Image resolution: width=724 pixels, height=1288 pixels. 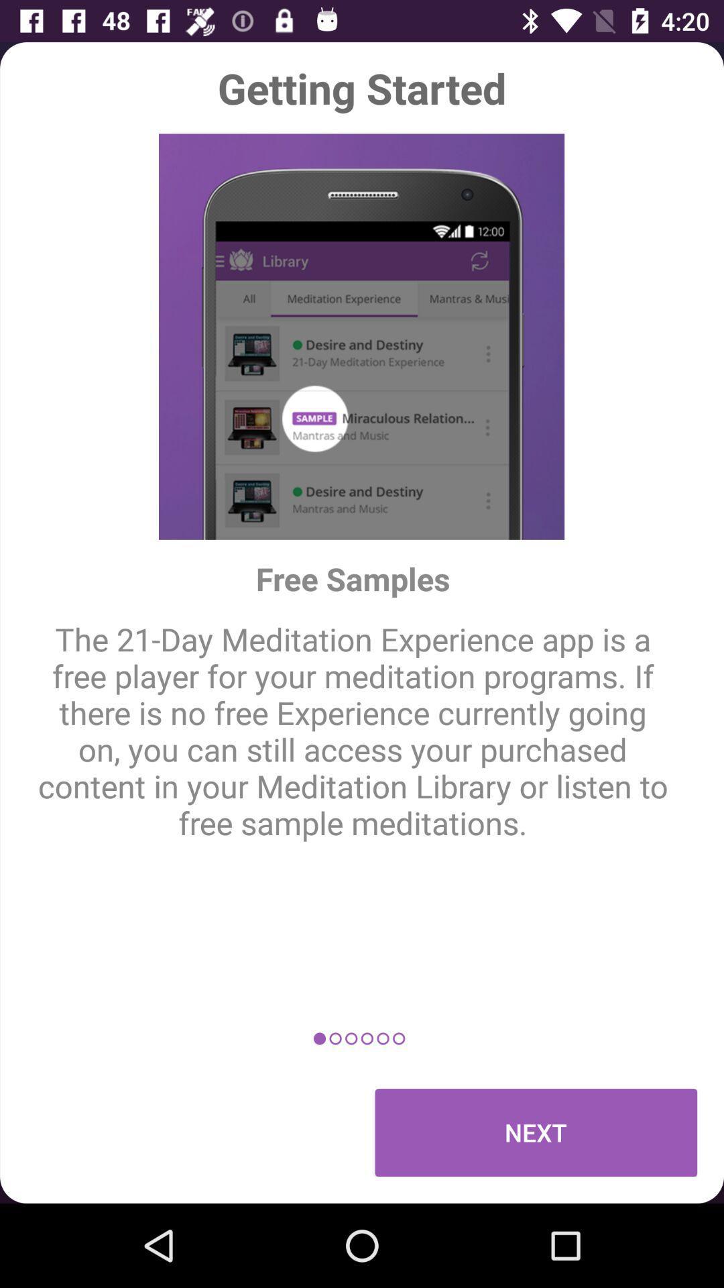 What do you see at coordinates (535, 1132) in the screenshot?
I see `the next item` at bounding box center [535, 1132].